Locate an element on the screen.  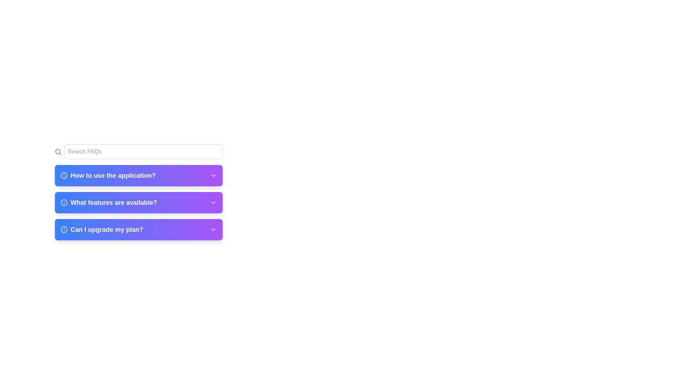
the icon that signifies information about 'How to use the application?' which is positioned to the left of the FAQ question text is located at coordinates (64, 175).